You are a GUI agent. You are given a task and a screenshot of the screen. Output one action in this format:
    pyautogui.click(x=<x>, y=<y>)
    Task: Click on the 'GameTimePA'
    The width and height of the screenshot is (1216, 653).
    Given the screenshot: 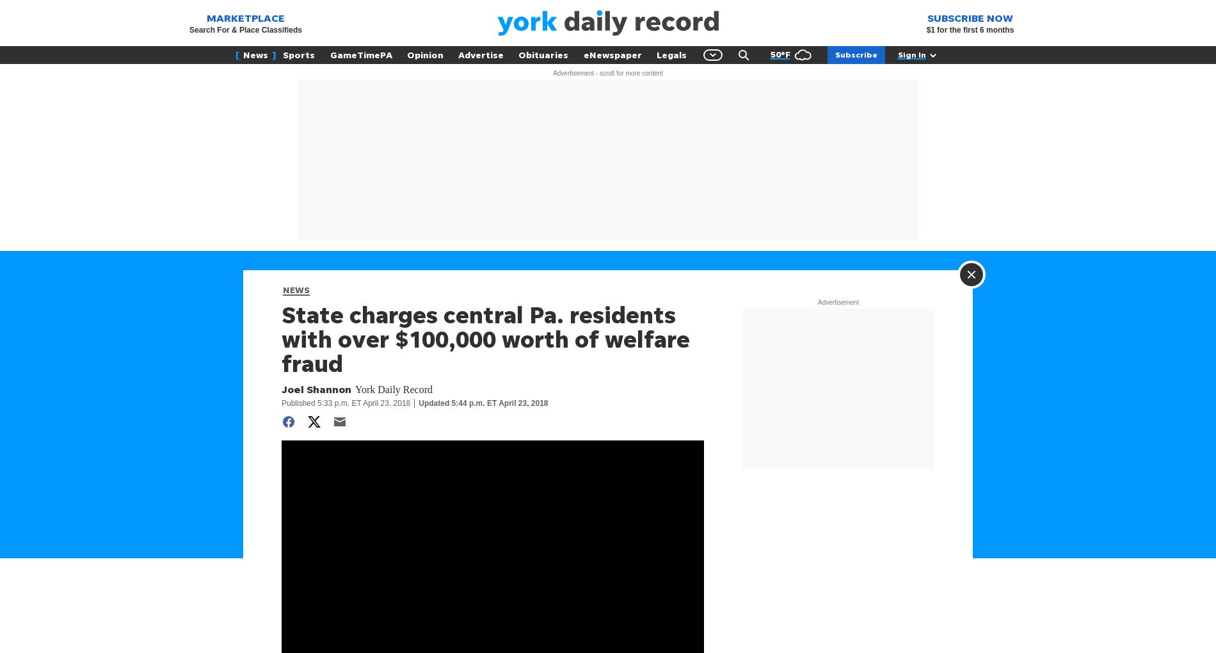 What is the action you would take?
    pyautogui.click(x=330, y=54)
    